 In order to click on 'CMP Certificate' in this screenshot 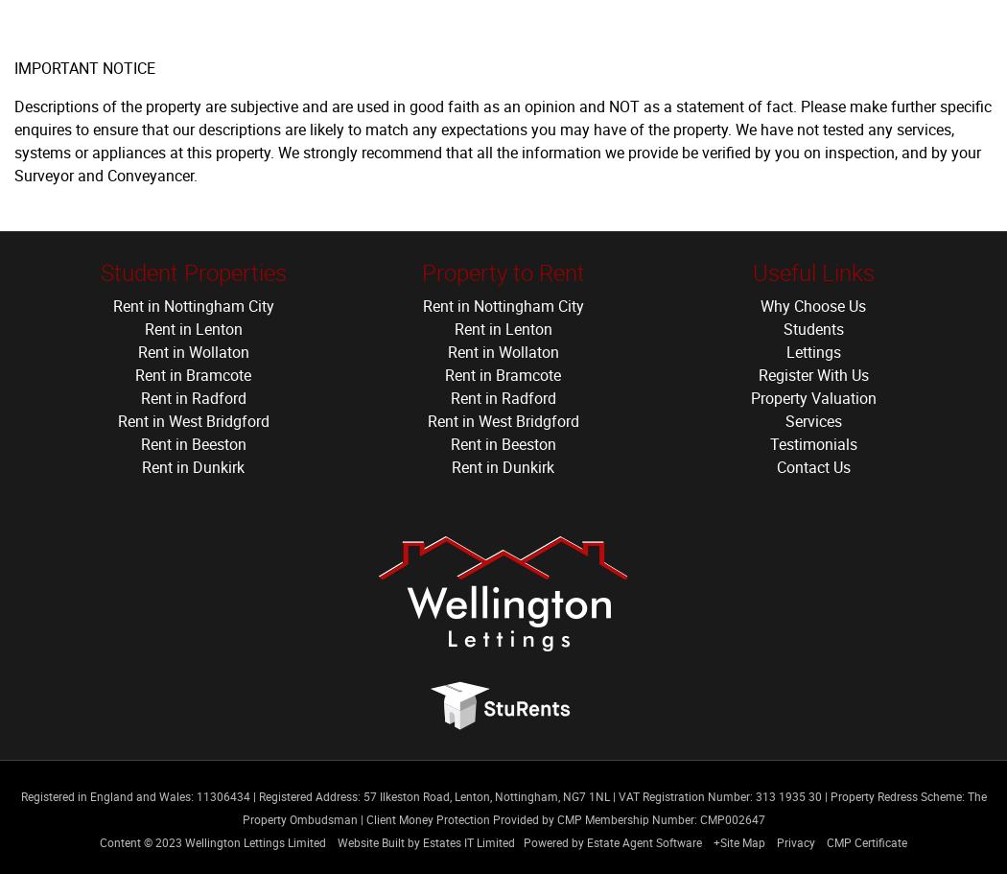, I will do `click(827, 840)`.